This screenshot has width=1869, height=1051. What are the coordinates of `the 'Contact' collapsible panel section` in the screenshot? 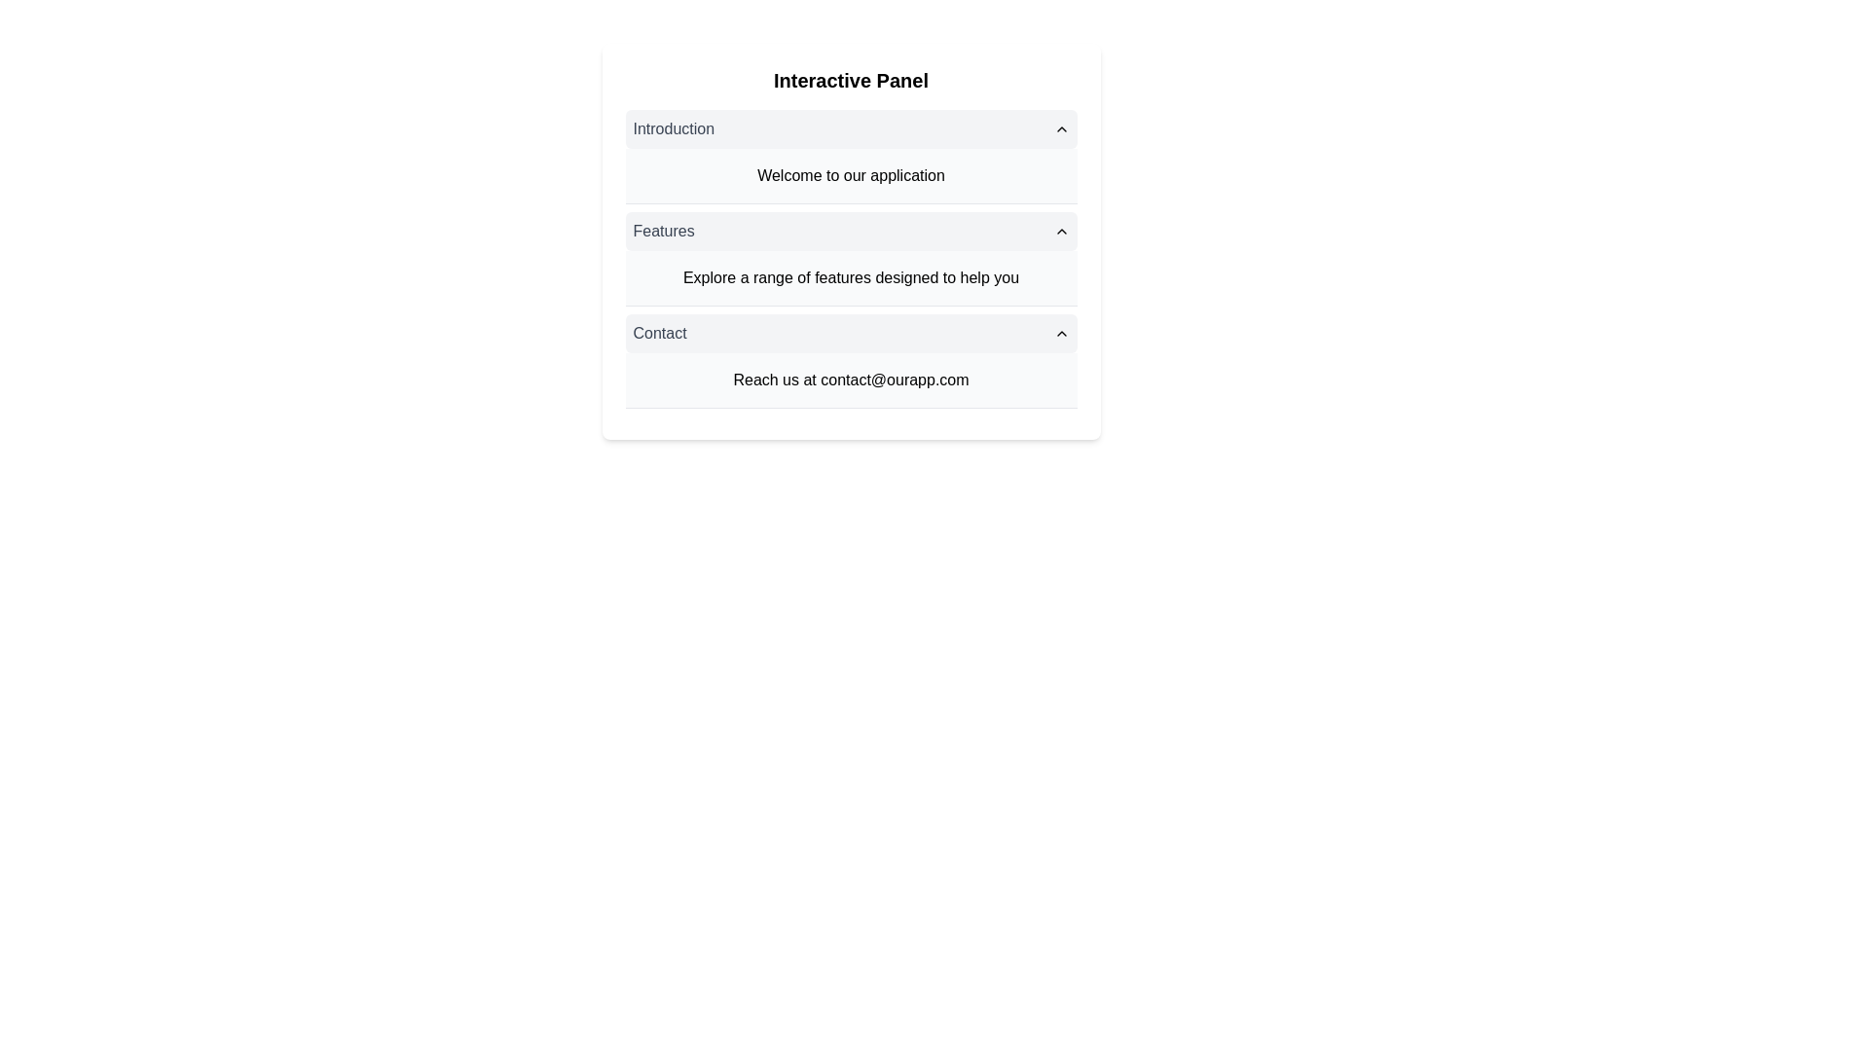 It's located at (851, 361).